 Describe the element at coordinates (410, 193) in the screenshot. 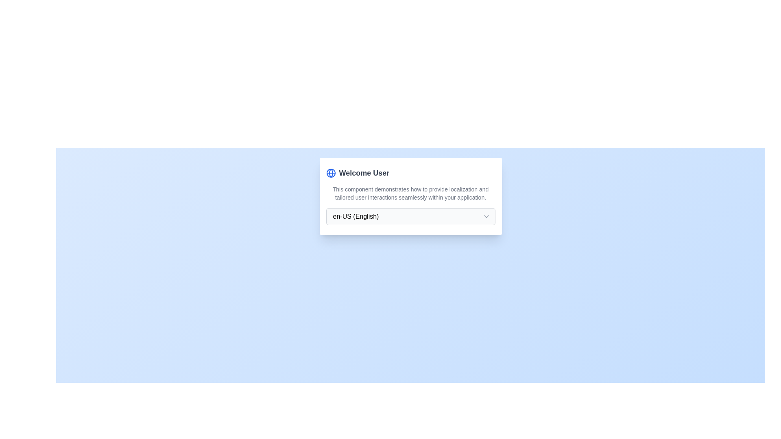

I see `the text element that contains the message about localization and user interactions, positioned below the title 'Welcome User'` at that location.